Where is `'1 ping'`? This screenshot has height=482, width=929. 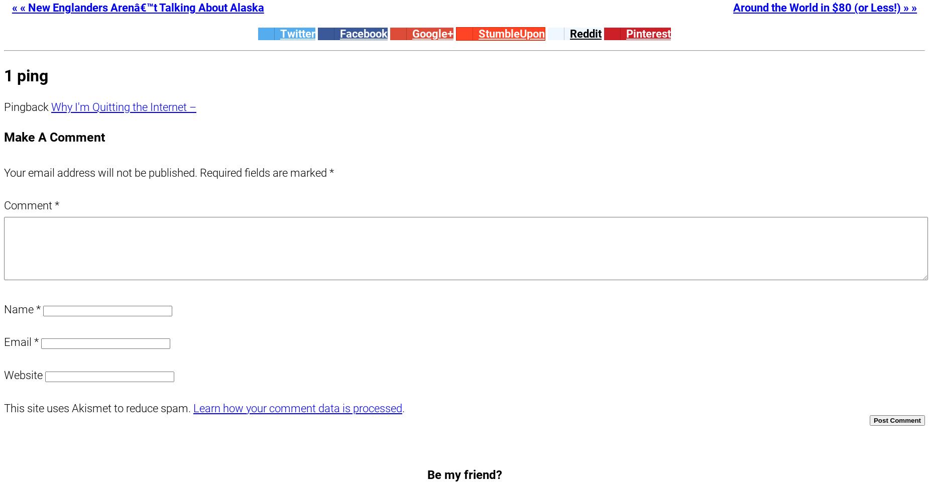
'1 ping' is located at coordinates (25, 75).